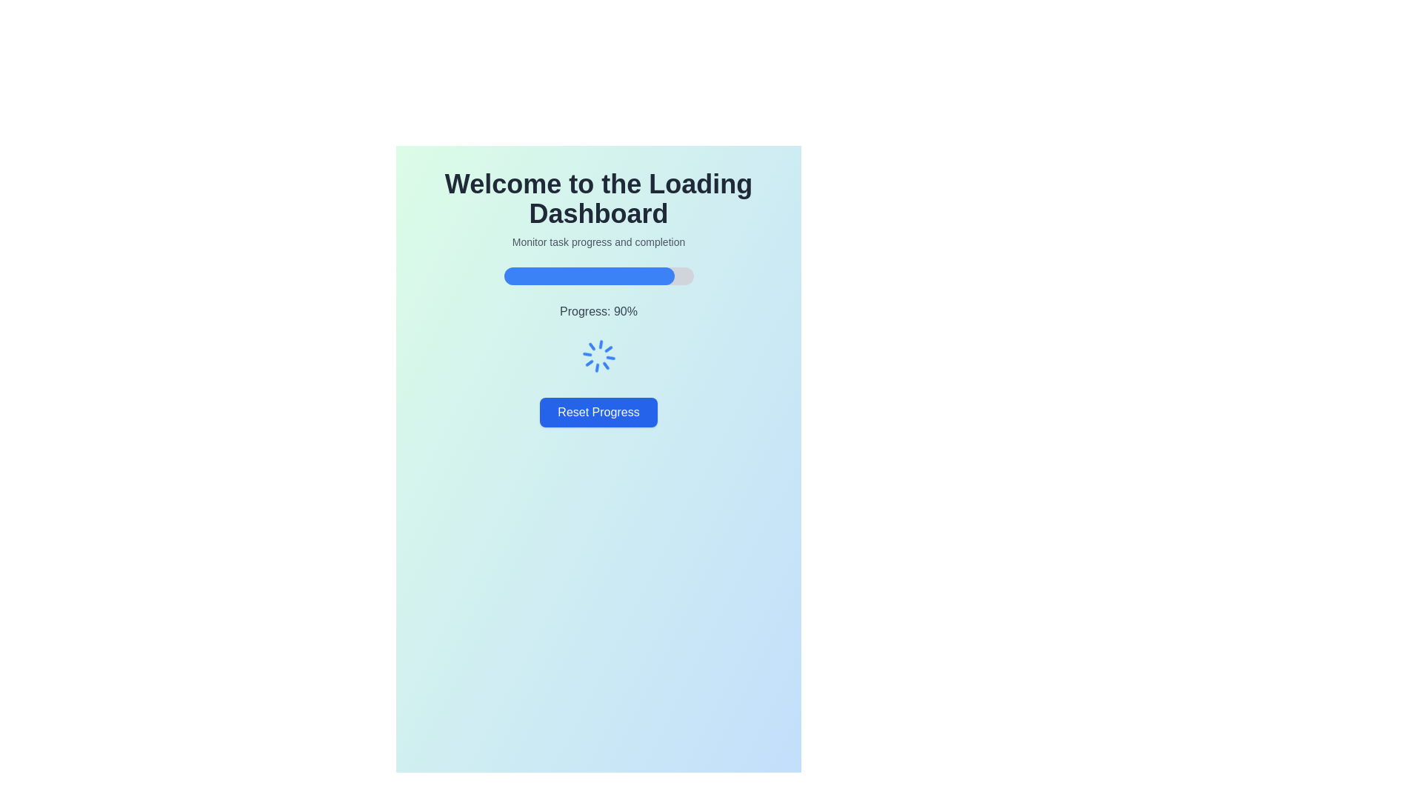  Describe the element at coordinates (598, 241) in the screenshot. I see `the Text label that provides instructions about monitoring task progress and completion, located directly below the main title 'Welcome to the Loading Dashboard'` at that location.